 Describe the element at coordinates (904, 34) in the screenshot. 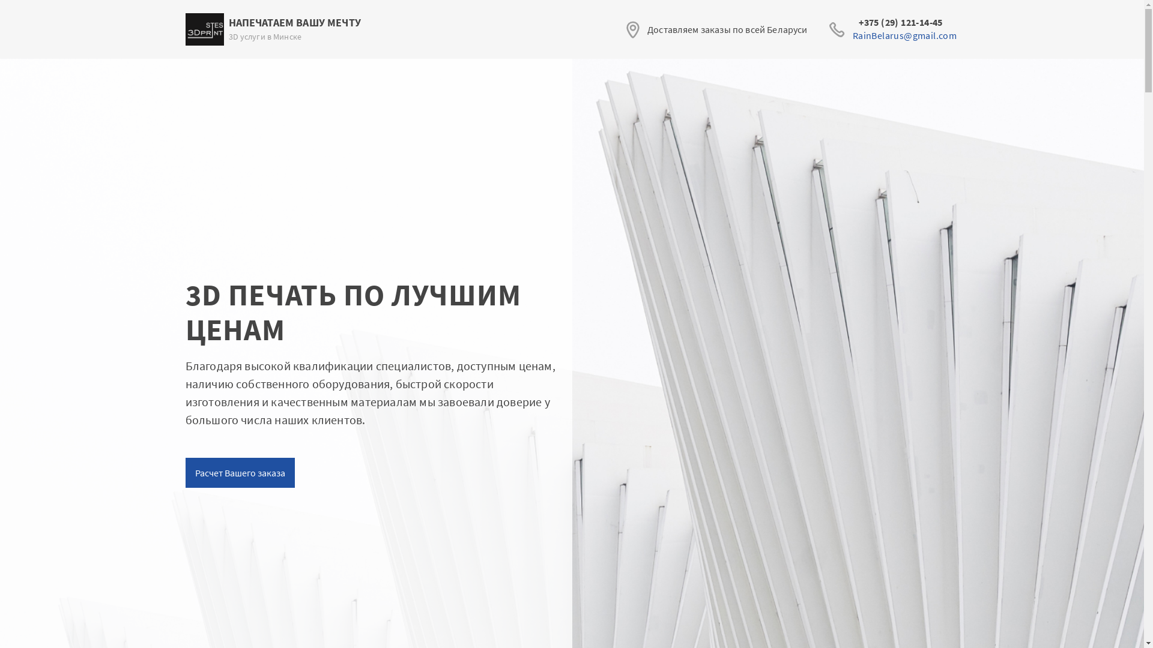

I see `'RainBelarus@gmail.com'` at that location.